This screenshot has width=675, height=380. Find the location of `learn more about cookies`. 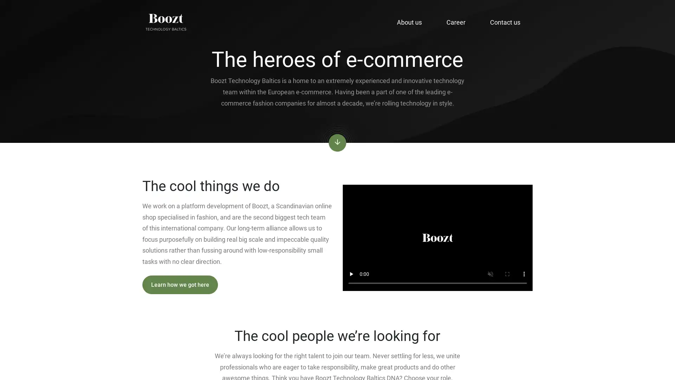

learn more about cookies is located at coordinates (558, 342).